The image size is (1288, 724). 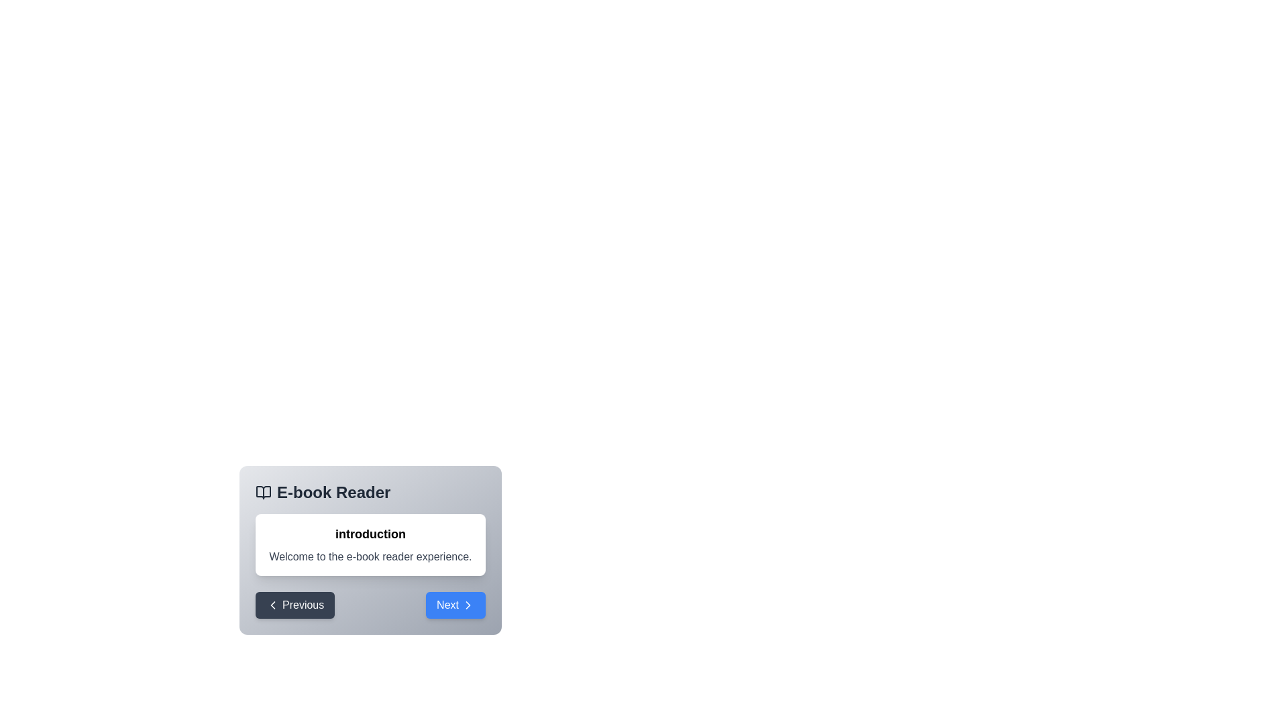 What do you see at coordinates (272, 605) in the screenshot?
I see `the left-pointing chevron icon located inside the 'Previous' button, positioned to the left of the text label` at bounding box center [272, 605].